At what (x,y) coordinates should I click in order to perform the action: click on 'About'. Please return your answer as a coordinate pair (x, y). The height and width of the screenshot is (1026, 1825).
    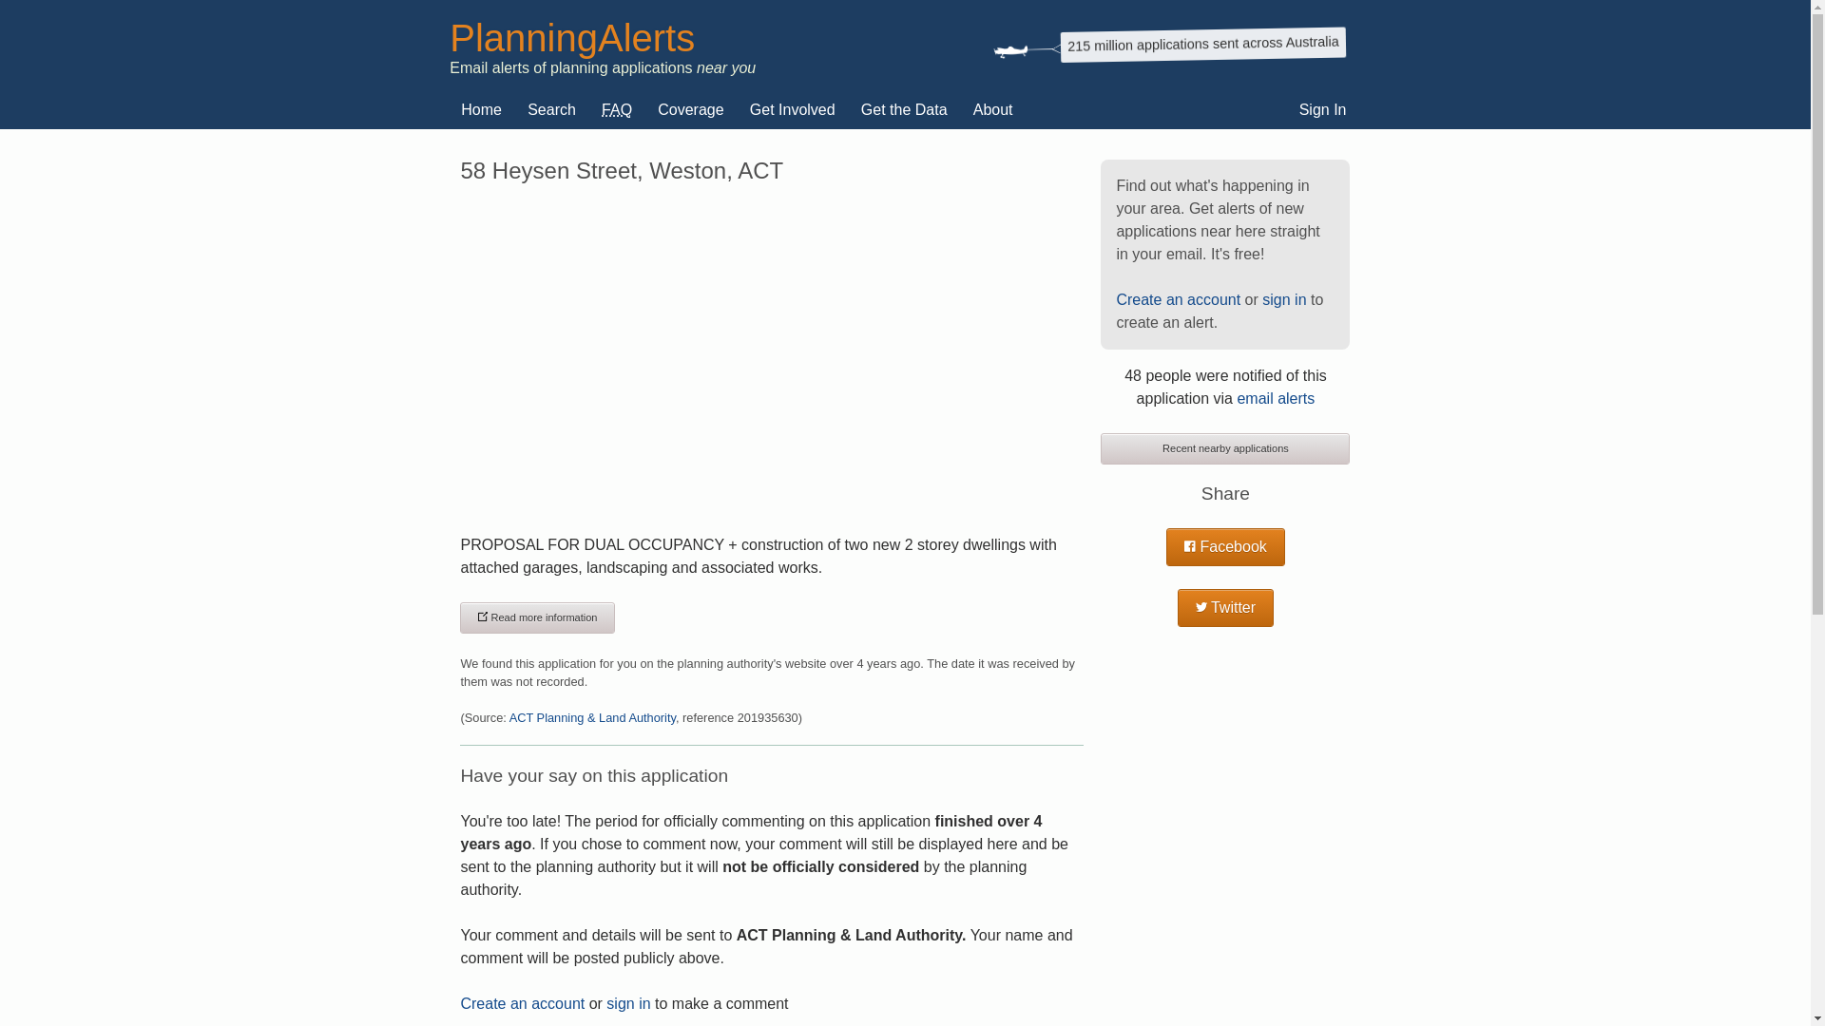
    Looking at the image, I should click on (992, 109).